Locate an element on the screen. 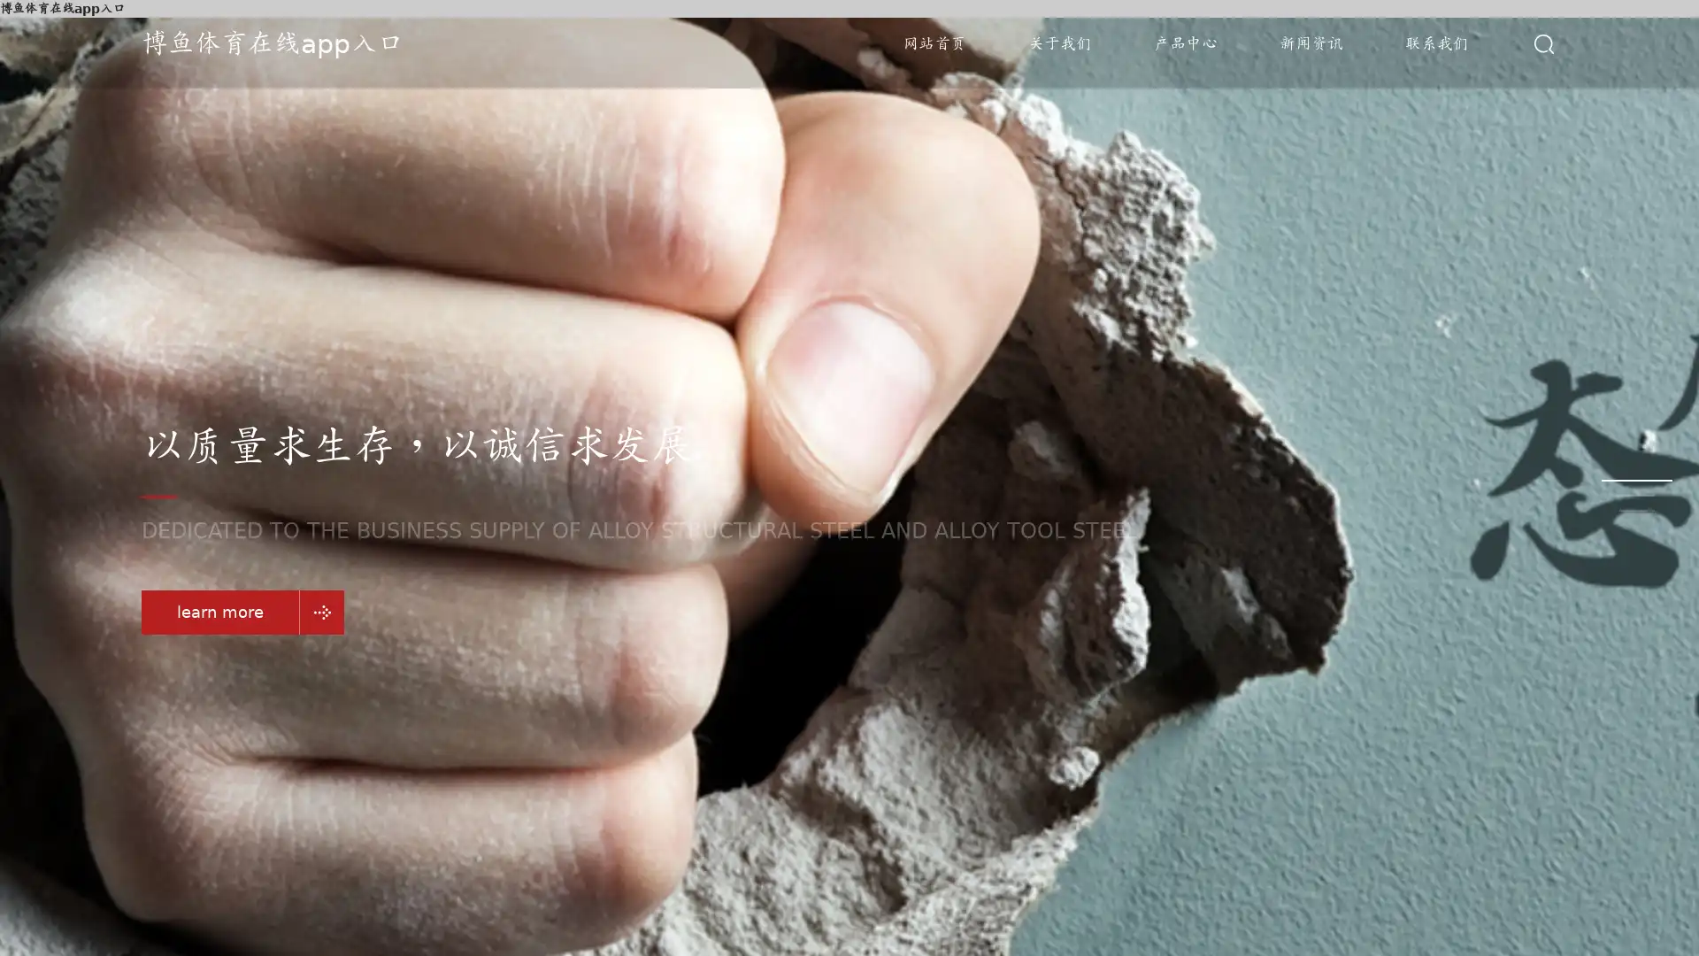 The height and width of the screenshot is (956, 1699). Go to slide 2 is located at coordinates (1635, 495).